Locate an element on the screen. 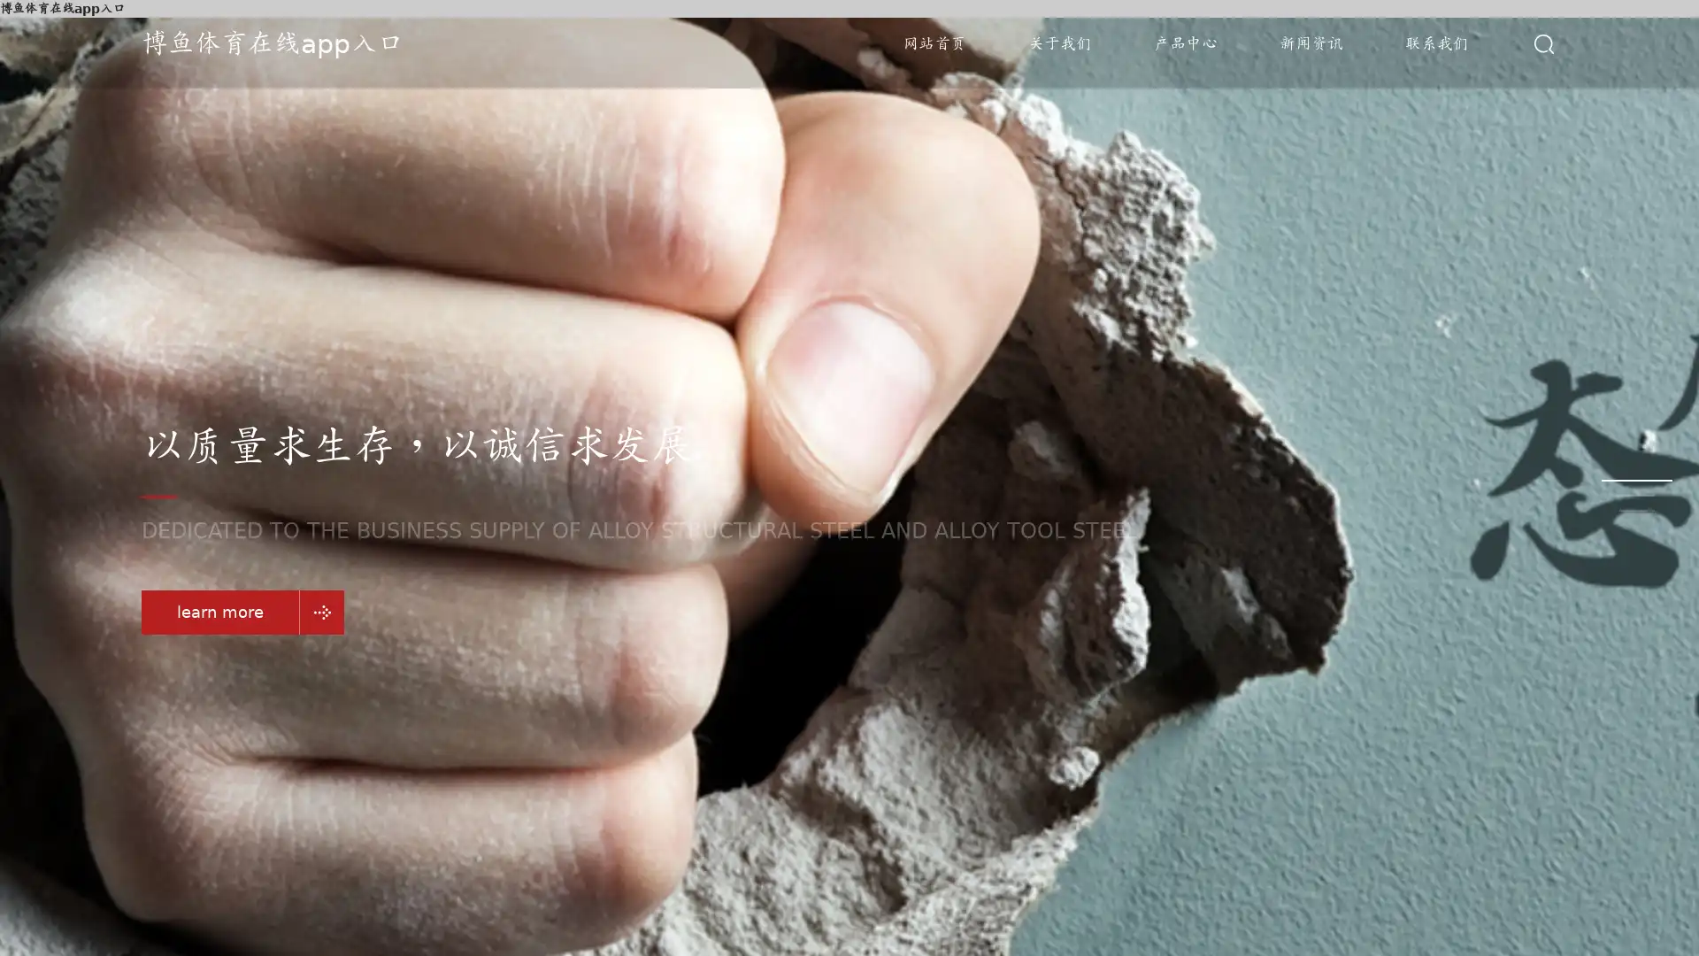 The height and width of the screenshot is (956, 1699). Go to slide 2 is located at coordinates (1635, 495).